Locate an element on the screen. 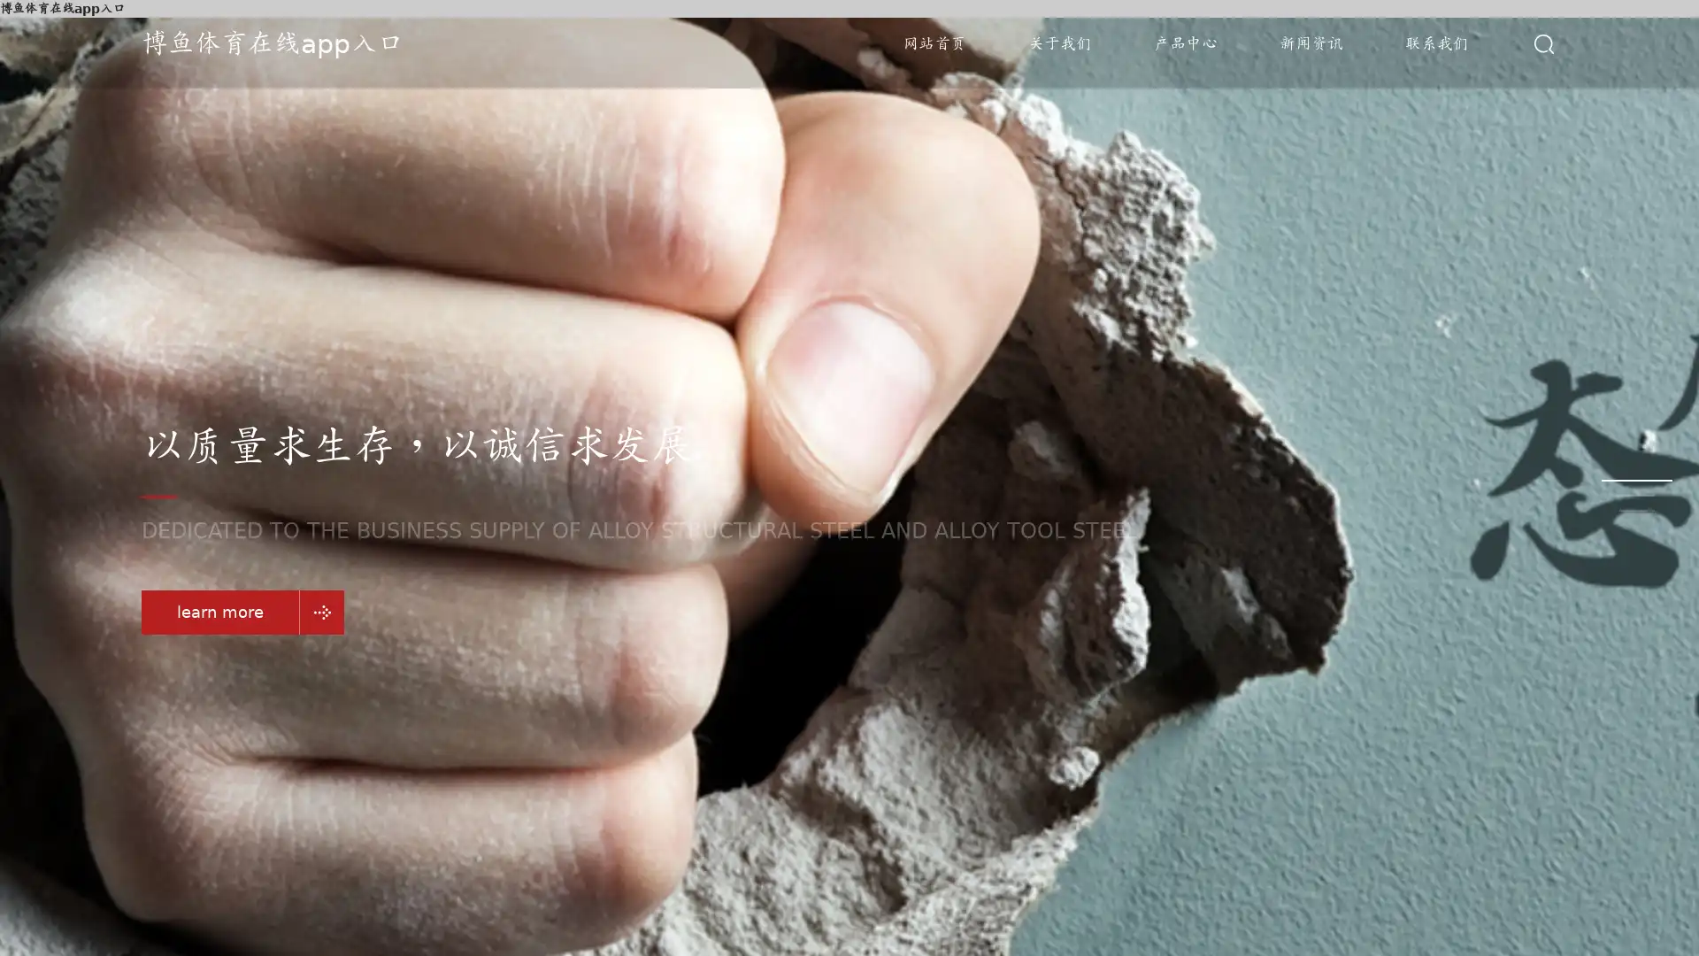 The height and width of the screenshot is (956, 1699). Go to slide 2 is located at coordinates (1635, 495).